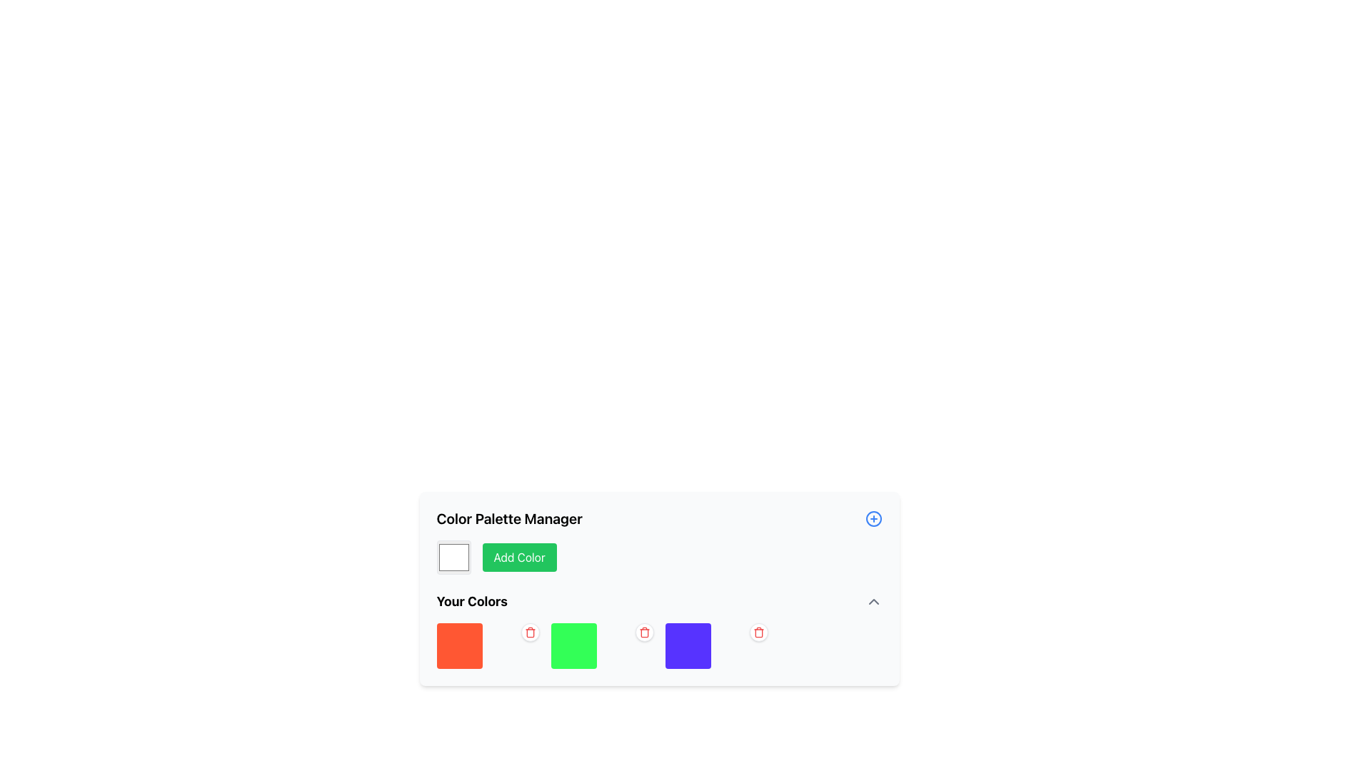  Describe the element at coordinates (873, 602) in the screenshot. I see `the chevron-up button located to the right of the text 'Your Colors'` at that location.